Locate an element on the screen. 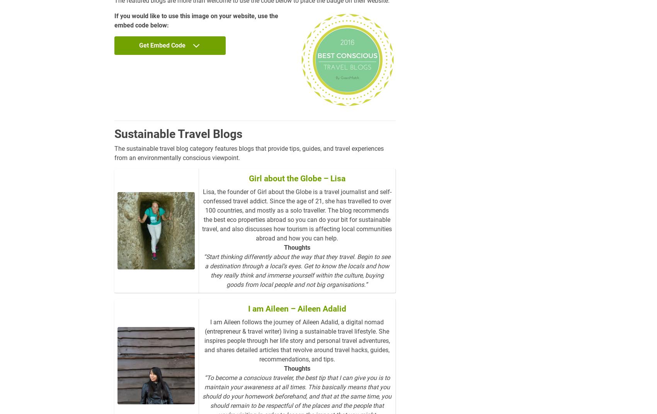  'I am Aileen – Aileen Adalid' is located at coordinates (296, 308).